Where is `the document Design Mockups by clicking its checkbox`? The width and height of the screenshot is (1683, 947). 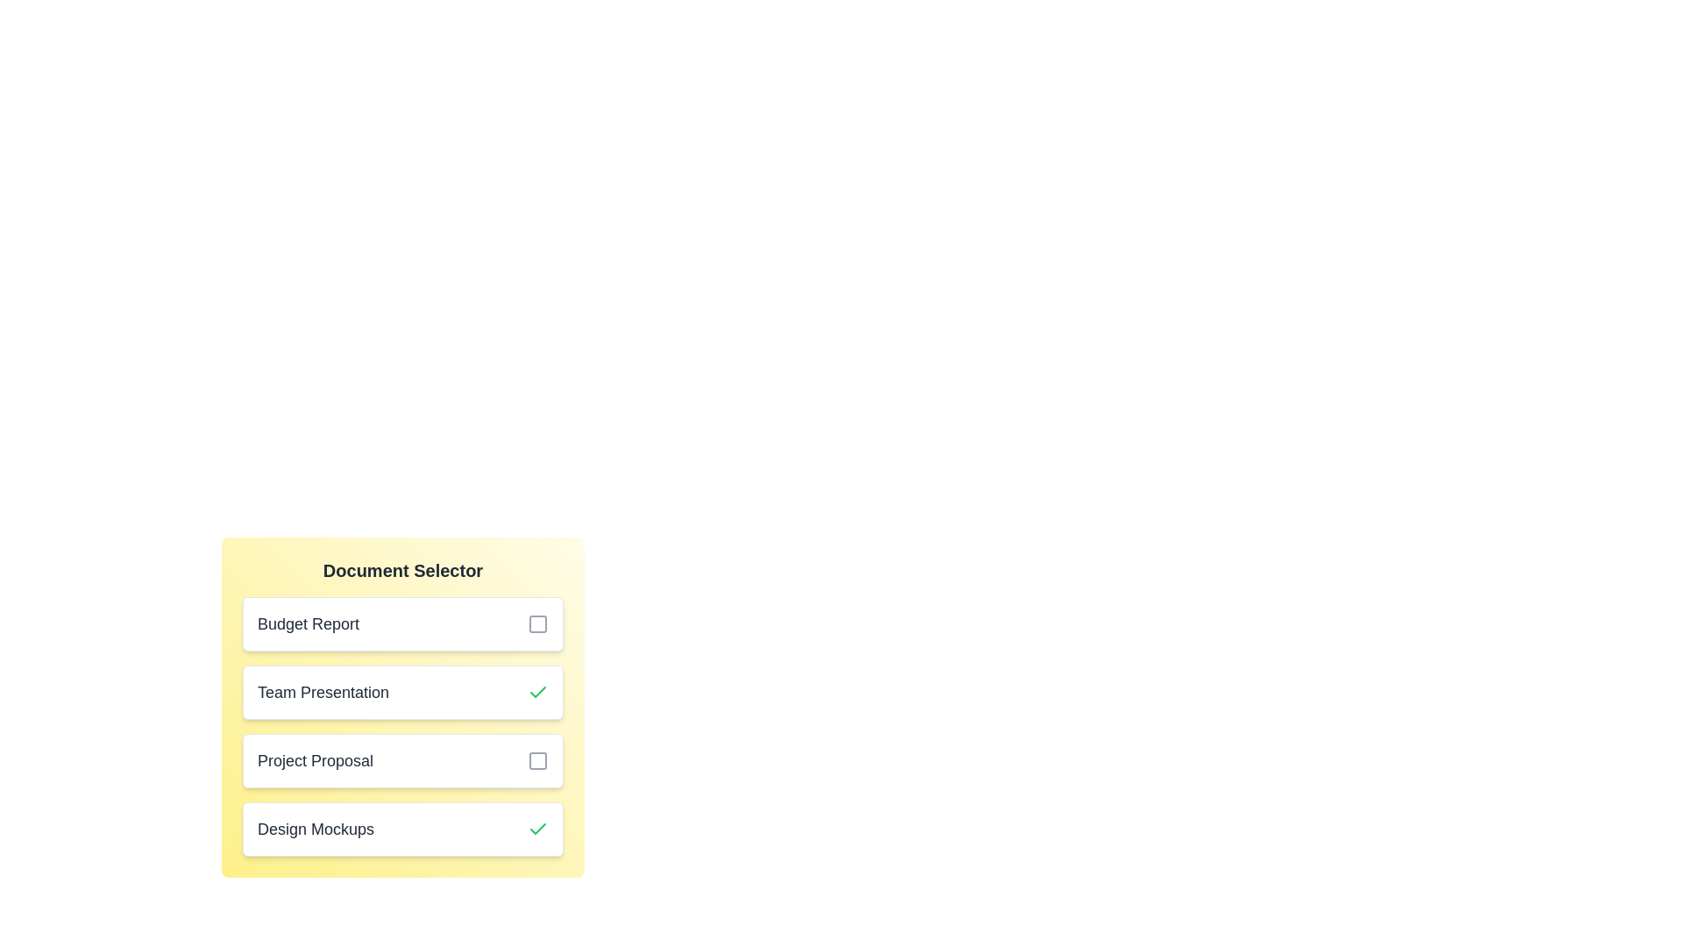
the document Design Mockups by clicking its checkbox is located at coordinates (537, 829).